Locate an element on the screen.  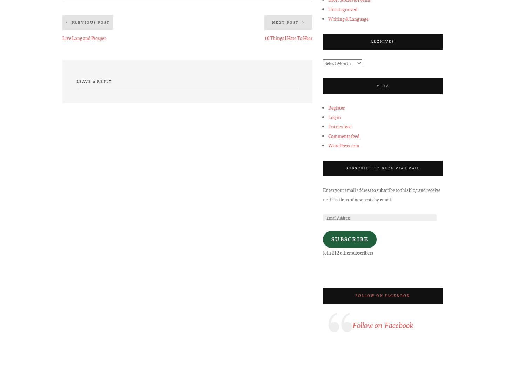
'Log in' is located at coordinates (328, 116).